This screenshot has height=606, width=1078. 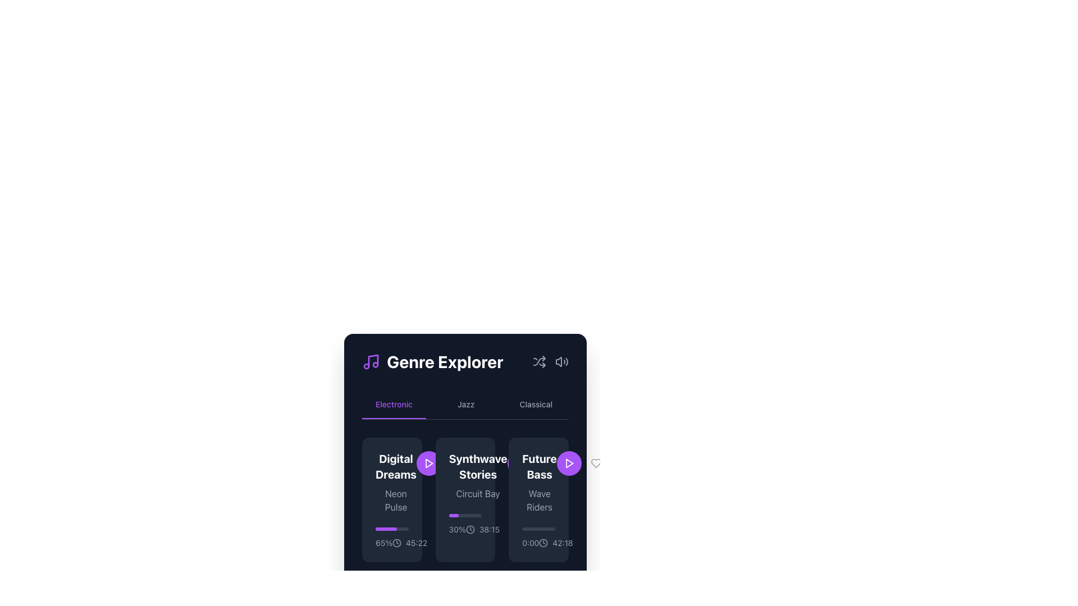 What do you see at coordinates (465, 499) in the screenshot?
I see `the content card displaying information about a music track, which is the second panel from the left under the 'Electronic' tab in a grid layout` at bounding box center [465, 499].